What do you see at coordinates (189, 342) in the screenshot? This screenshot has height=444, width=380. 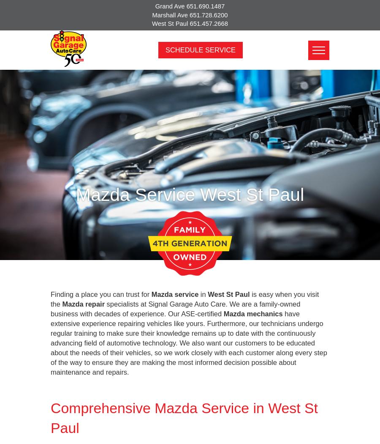 I see `'have extensive experience repairing vehicles like yours. Furthermore, our technicians undergo regular training to make sure their knowledge remains up to date with the continuously advancing field of automotive technology. We also want our customers to be educated about the needs of their vehicles, so we work closely with each customer along every step of the way to ensure they are making the most informed decision possible about maintenance and repairs.'` at bounding box center [189, 342].